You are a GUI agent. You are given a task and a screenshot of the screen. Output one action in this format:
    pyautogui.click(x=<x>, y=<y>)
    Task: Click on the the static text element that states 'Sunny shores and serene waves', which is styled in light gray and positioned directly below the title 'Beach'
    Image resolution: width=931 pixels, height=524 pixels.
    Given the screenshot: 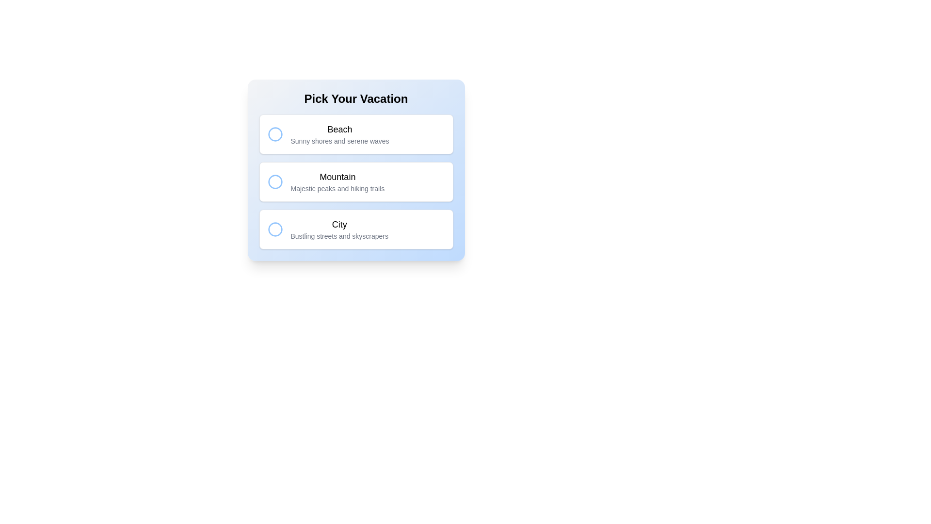 What is the action you would take?
    pyautogui.click(x=339, y=141)
    